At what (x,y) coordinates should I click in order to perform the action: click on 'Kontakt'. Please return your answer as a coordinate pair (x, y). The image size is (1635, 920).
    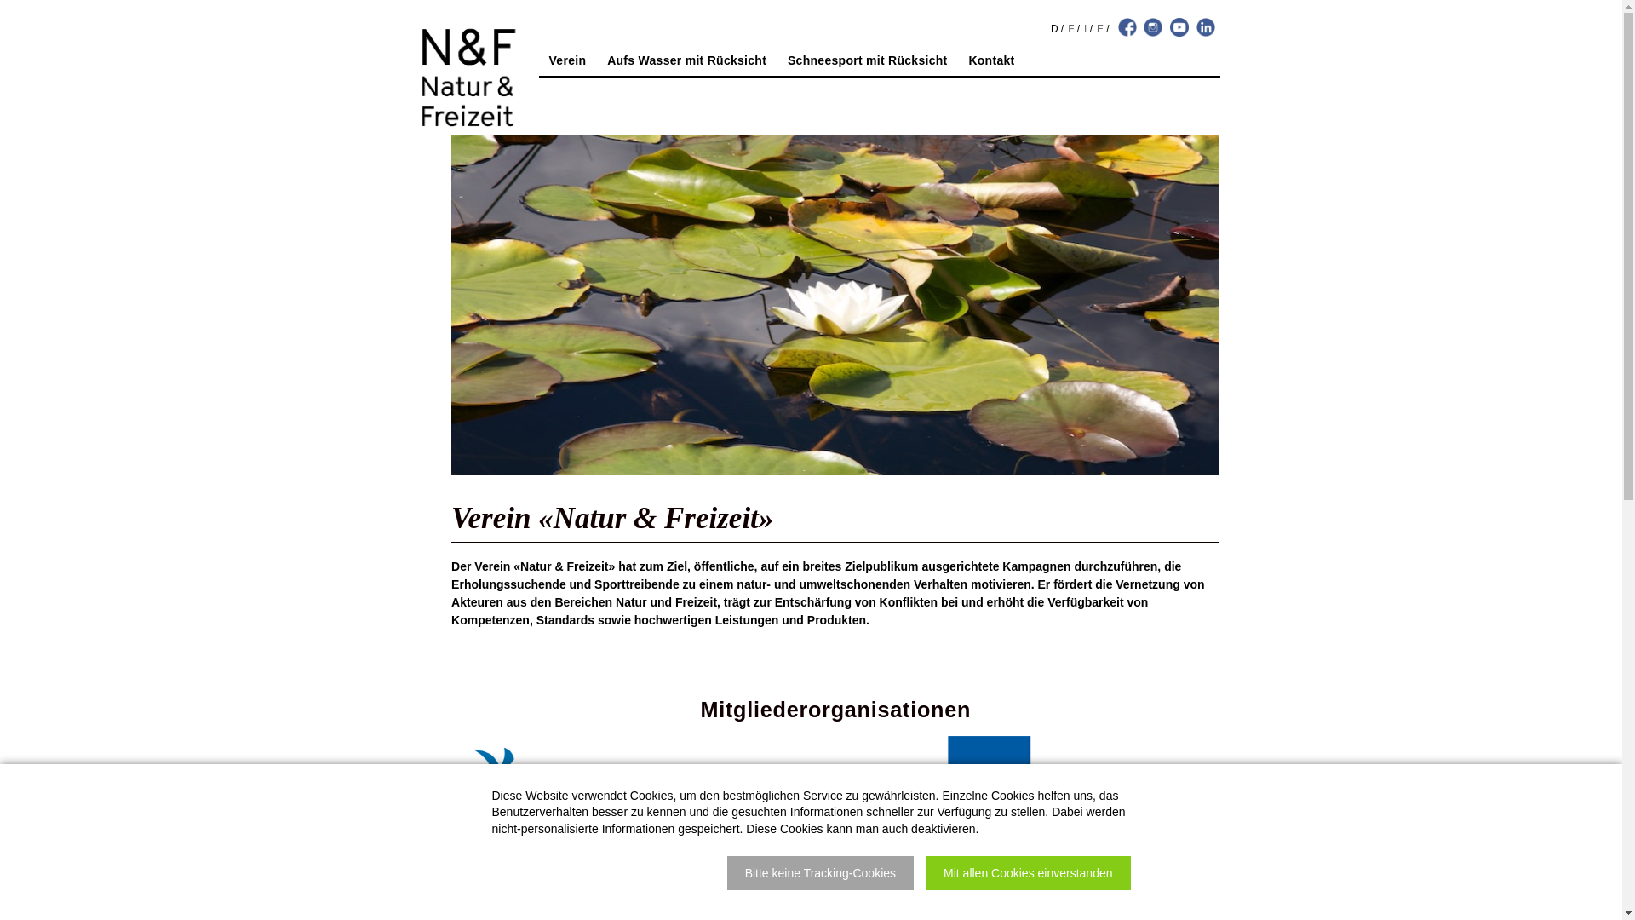
    Looking at the image, I should click on (990, 61).